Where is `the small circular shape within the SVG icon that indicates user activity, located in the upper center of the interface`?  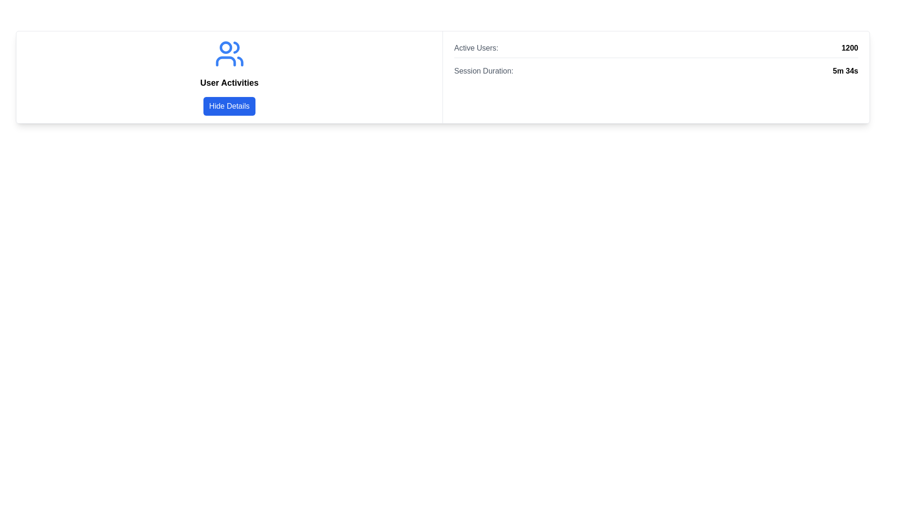 the small circular shape within the SVG icon that indicates user activity, located in the upper center of the interface is located at coordinates (225, 47).